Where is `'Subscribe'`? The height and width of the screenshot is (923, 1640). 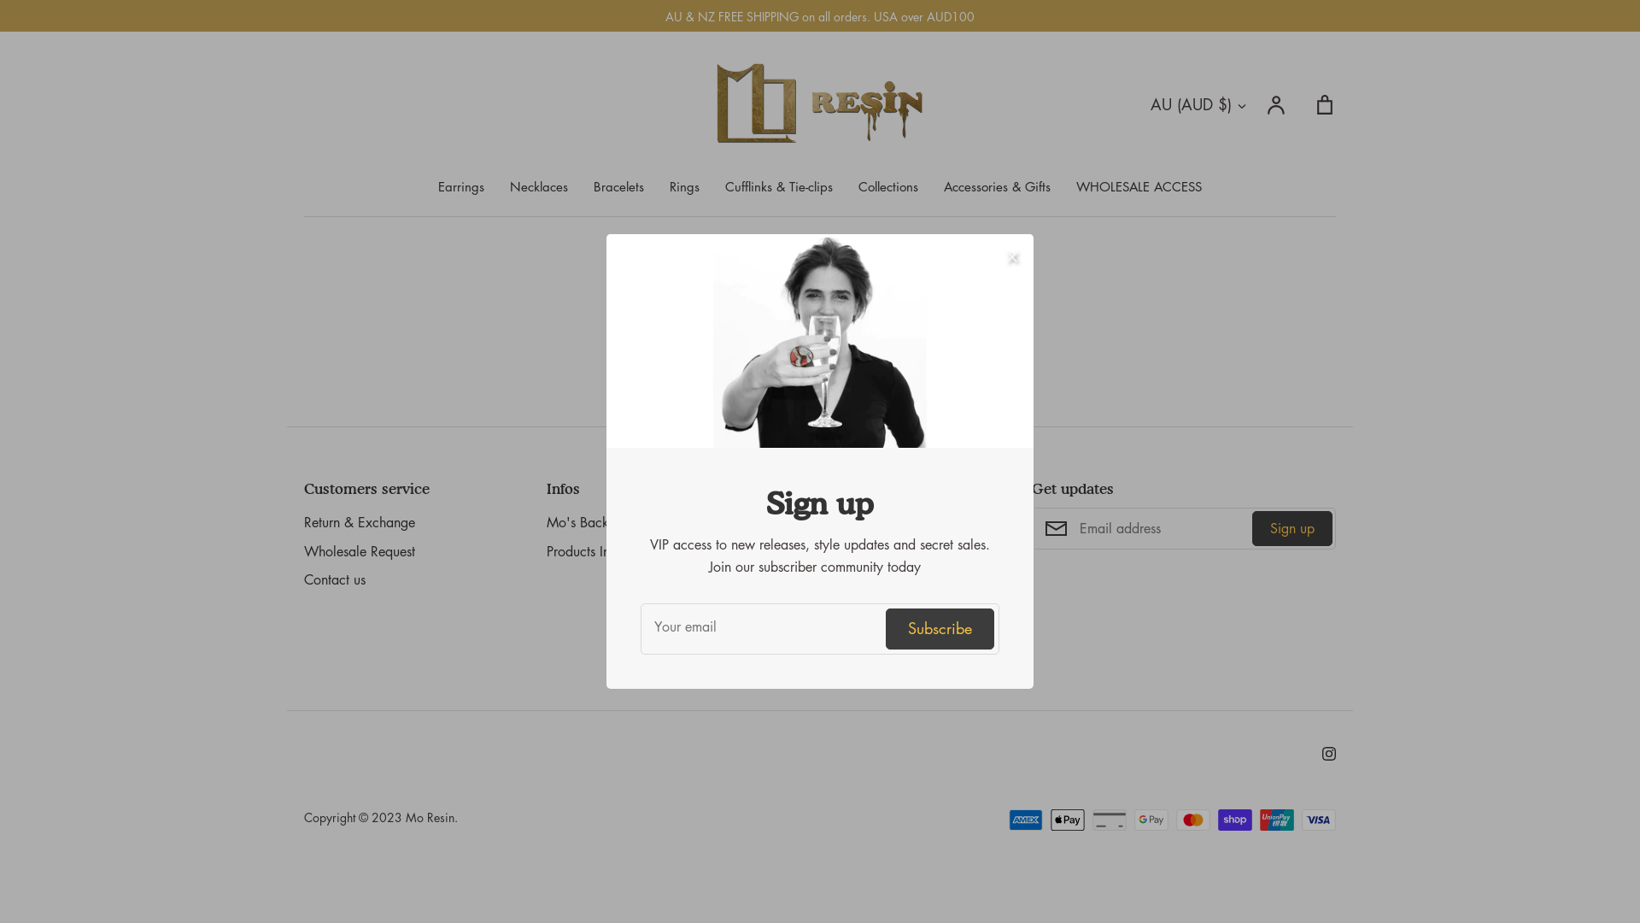 'Subscribe' is located at coordinates (939, 628).